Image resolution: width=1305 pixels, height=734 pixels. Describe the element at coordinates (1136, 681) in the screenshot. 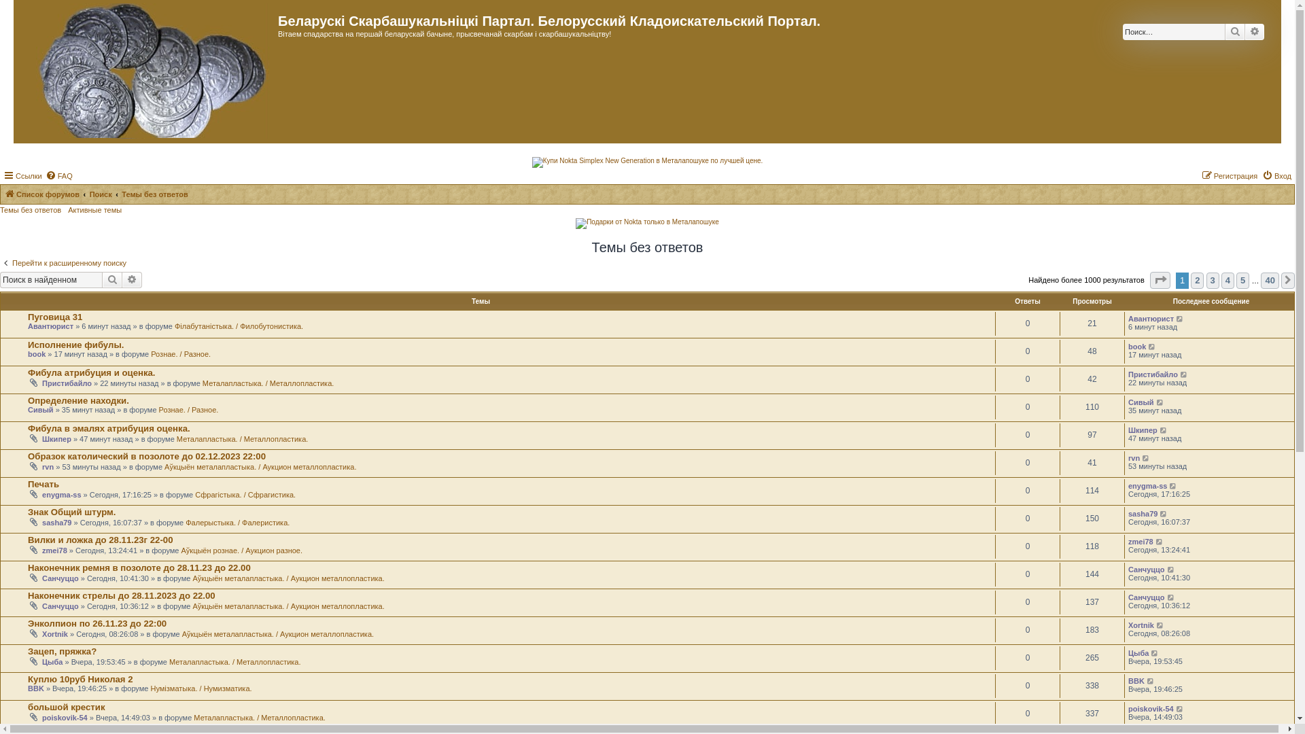

I see `'BBK'` at that location.